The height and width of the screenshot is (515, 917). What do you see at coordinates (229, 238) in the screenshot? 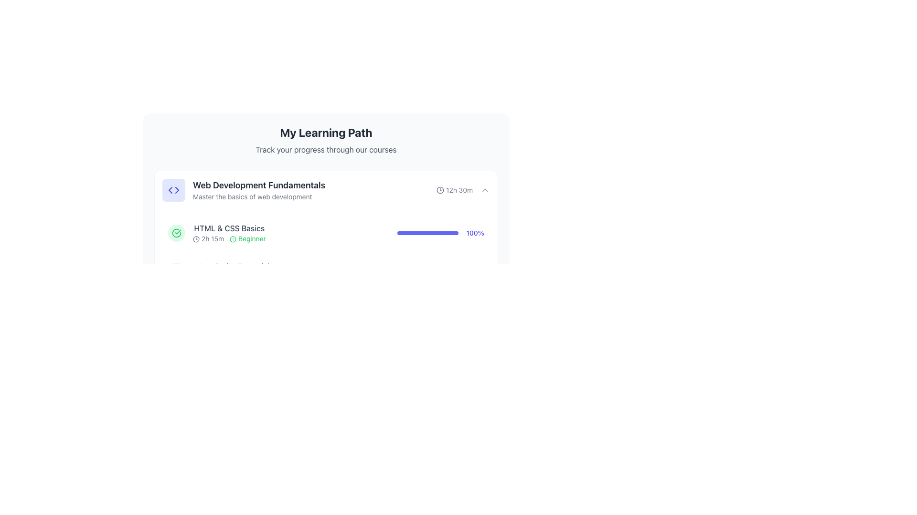
I see `the Informational Label displaying the duration '2h 15m' and difficulty level 'Beginner' beneath the title 'HTML & CSS Basics'` at bounding box center [229, 238].